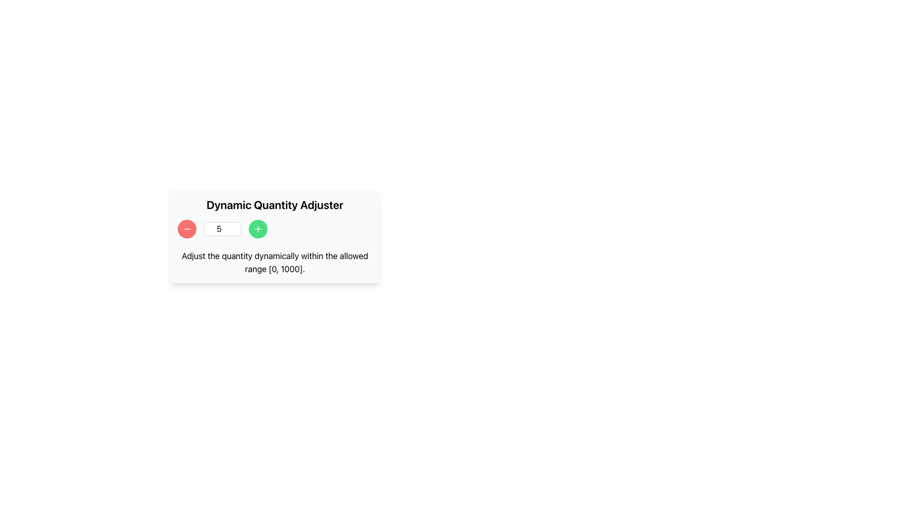 The image size is (898, 505). Describe the element at coordinates (258, 229) in the screenshot. I see `the circular green button with a white '+' icon to increment the value` at that location.